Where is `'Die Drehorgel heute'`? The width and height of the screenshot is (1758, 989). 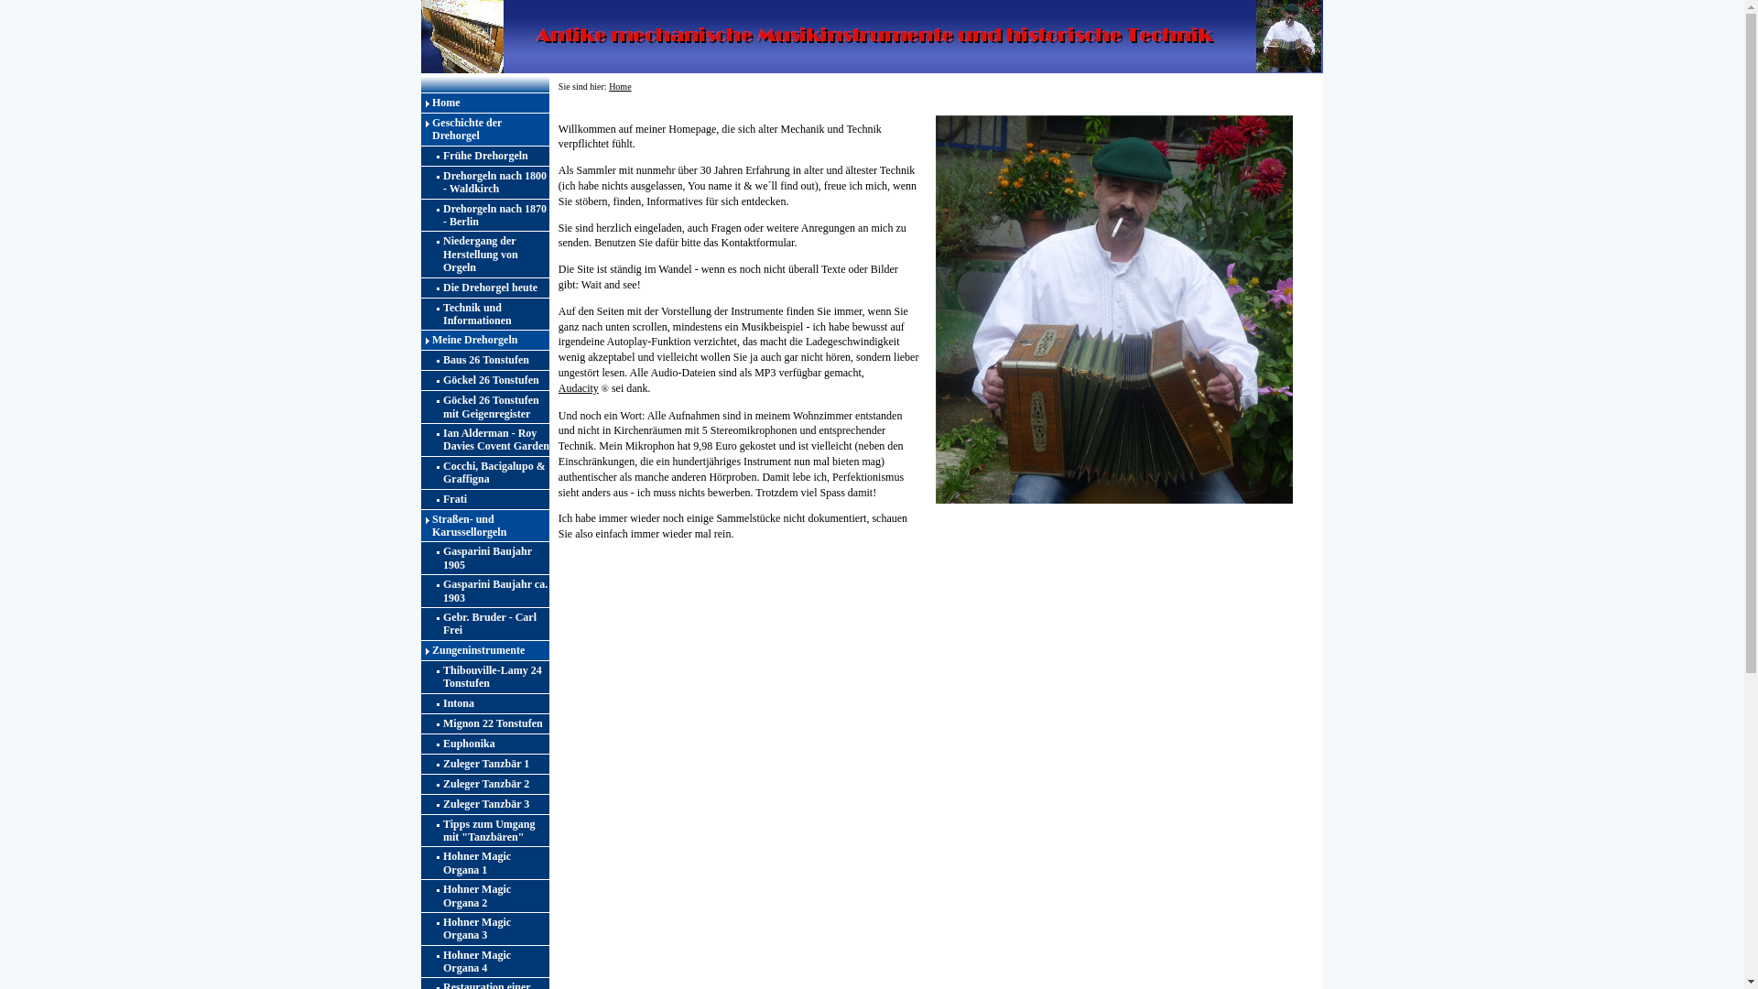 'Die Drehorgel heute' is located at coordinates (484, 288).